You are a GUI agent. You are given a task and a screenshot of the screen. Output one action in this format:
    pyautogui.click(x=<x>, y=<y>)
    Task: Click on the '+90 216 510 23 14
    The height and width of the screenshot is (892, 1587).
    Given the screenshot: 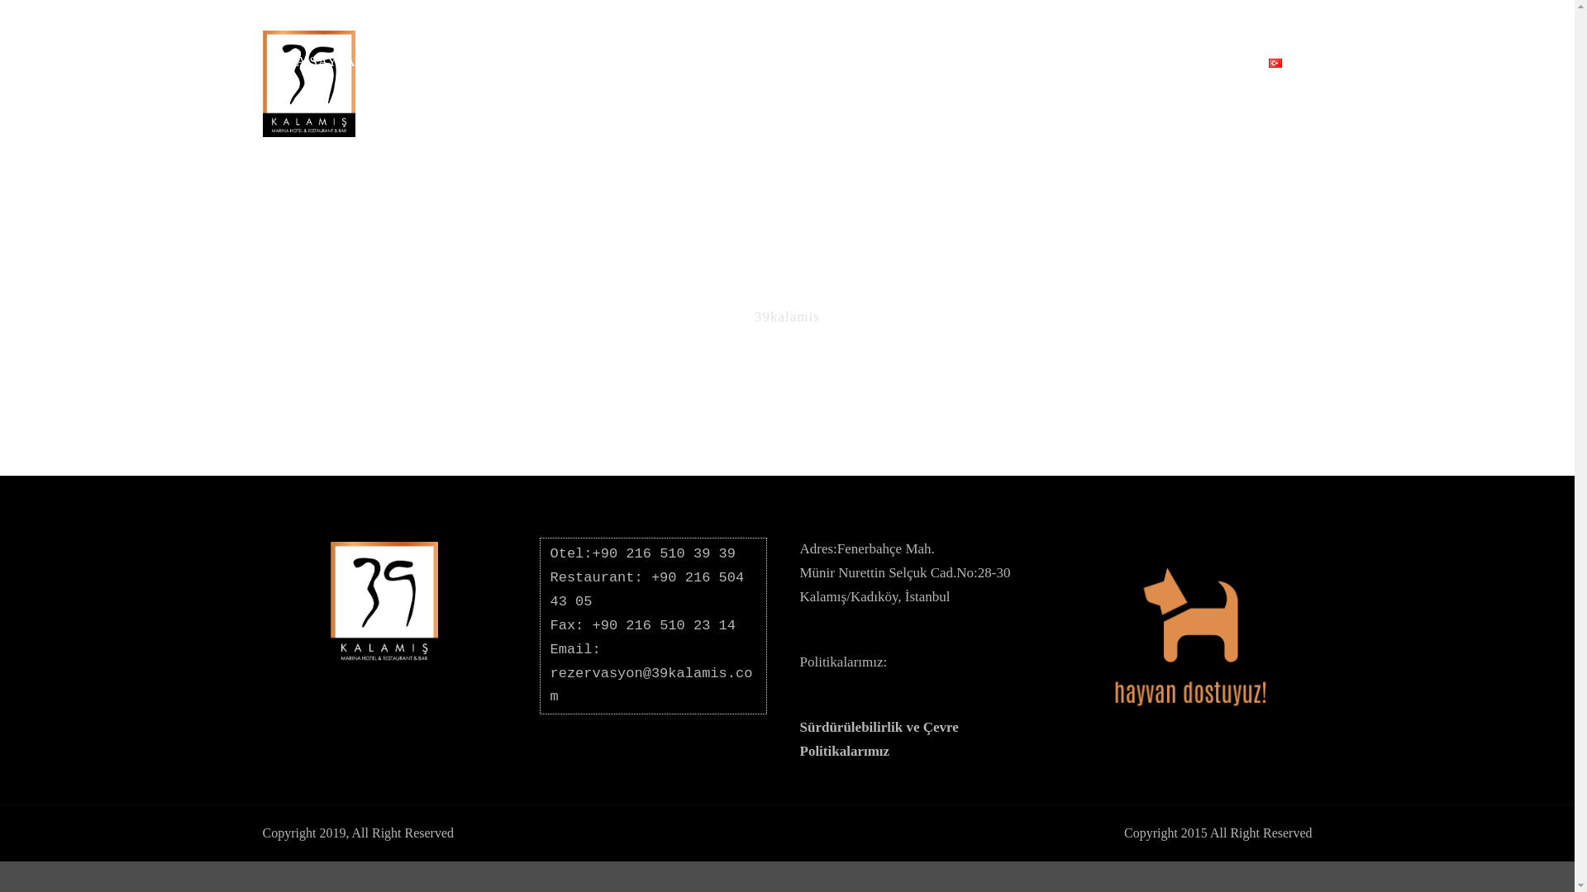 What is the action you would take?
    pyautogui.click(x=641, y=636)
    